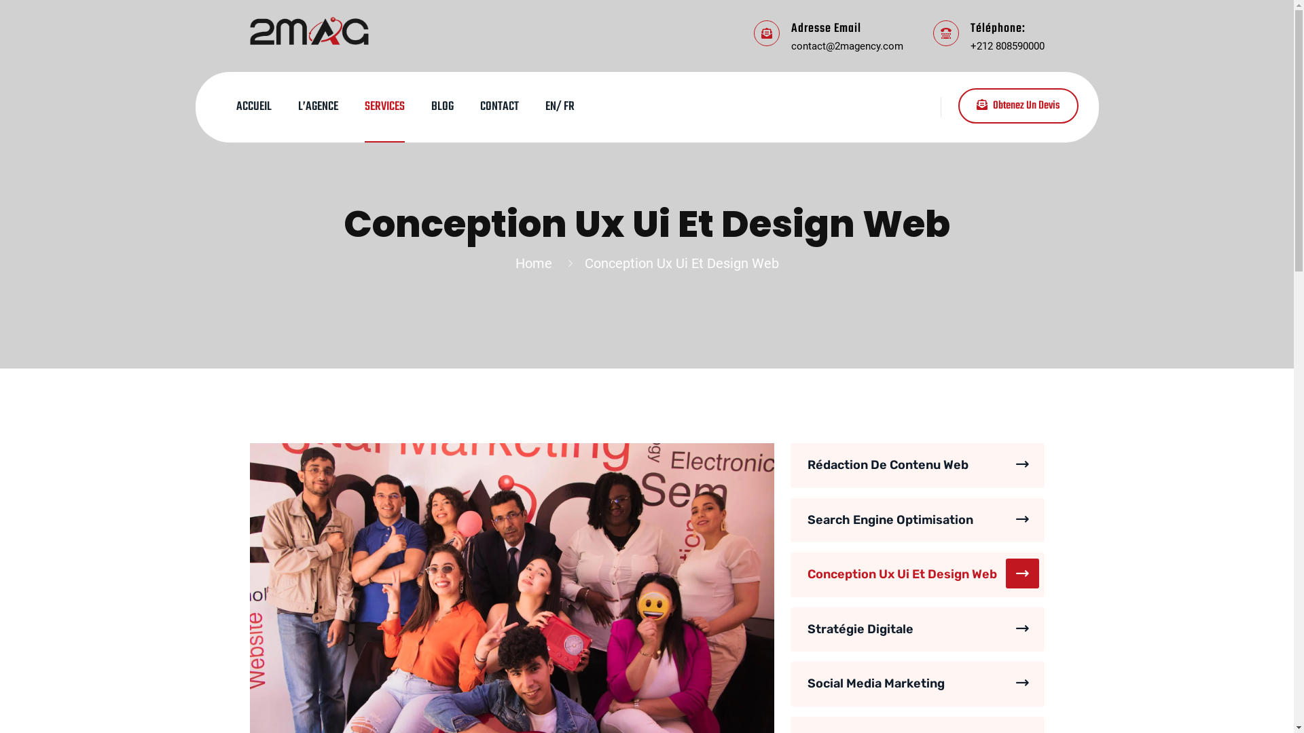 Image resolution: width=1304 pixels, height=733 pixels. What do you see at coordinates (917, 575) in the screenshot?
I see `'Conception Ux Ui Et Design Web'` at bounding box center [917, 575].